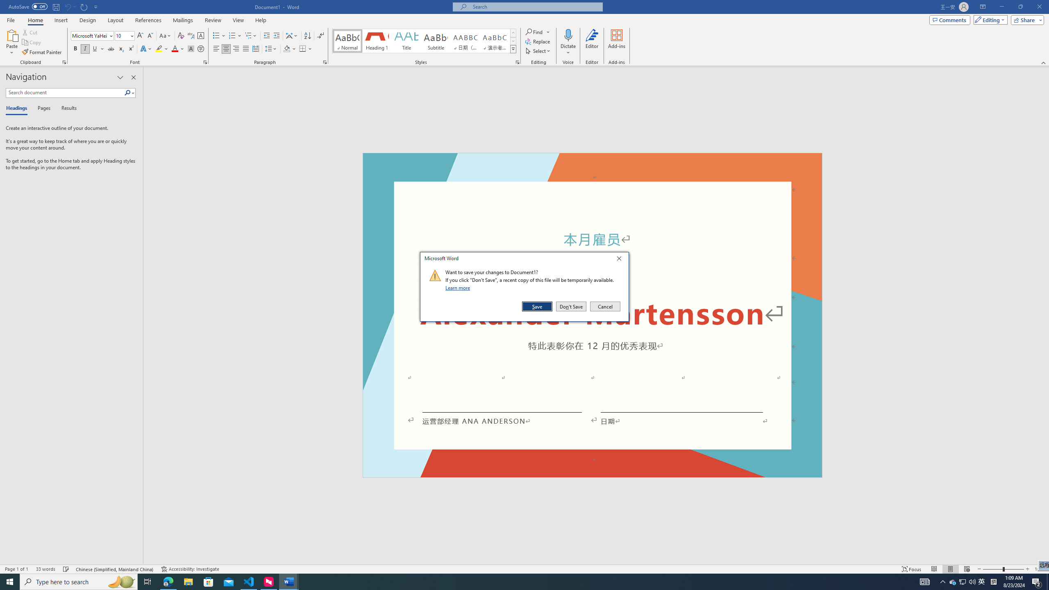 The height and width of the screenshot is (590, 1049). What do you see at coordinates (168, 581) in the screenshot?
I see `'Microsoft Edge - 1 running window'` at bounding box center [168, 581].